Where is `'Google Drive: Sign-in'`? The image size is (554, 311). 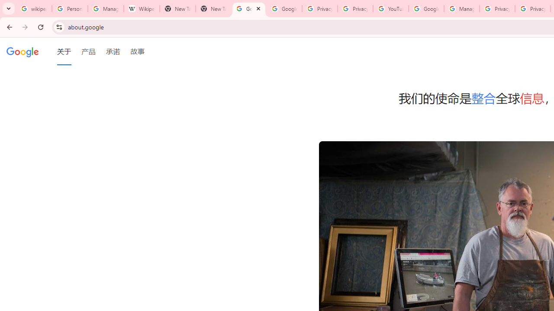
'Google Drive: Sign-in' is located at coordinates (284, 9).